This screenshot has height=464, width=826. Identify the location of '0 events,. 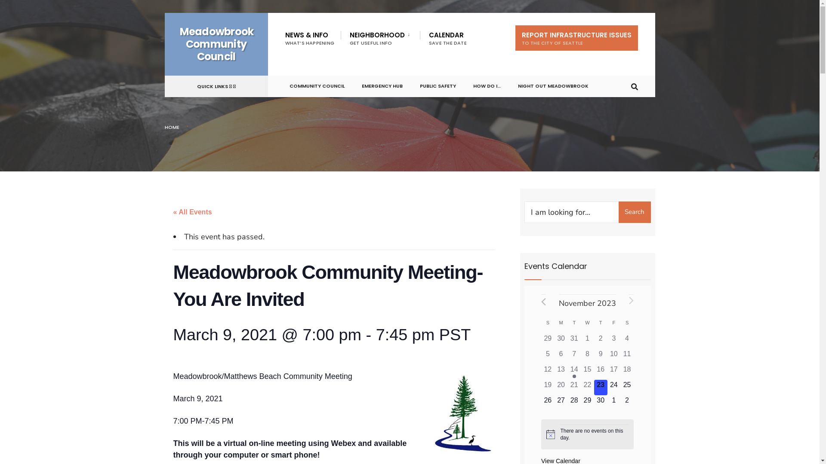
(555, 341).